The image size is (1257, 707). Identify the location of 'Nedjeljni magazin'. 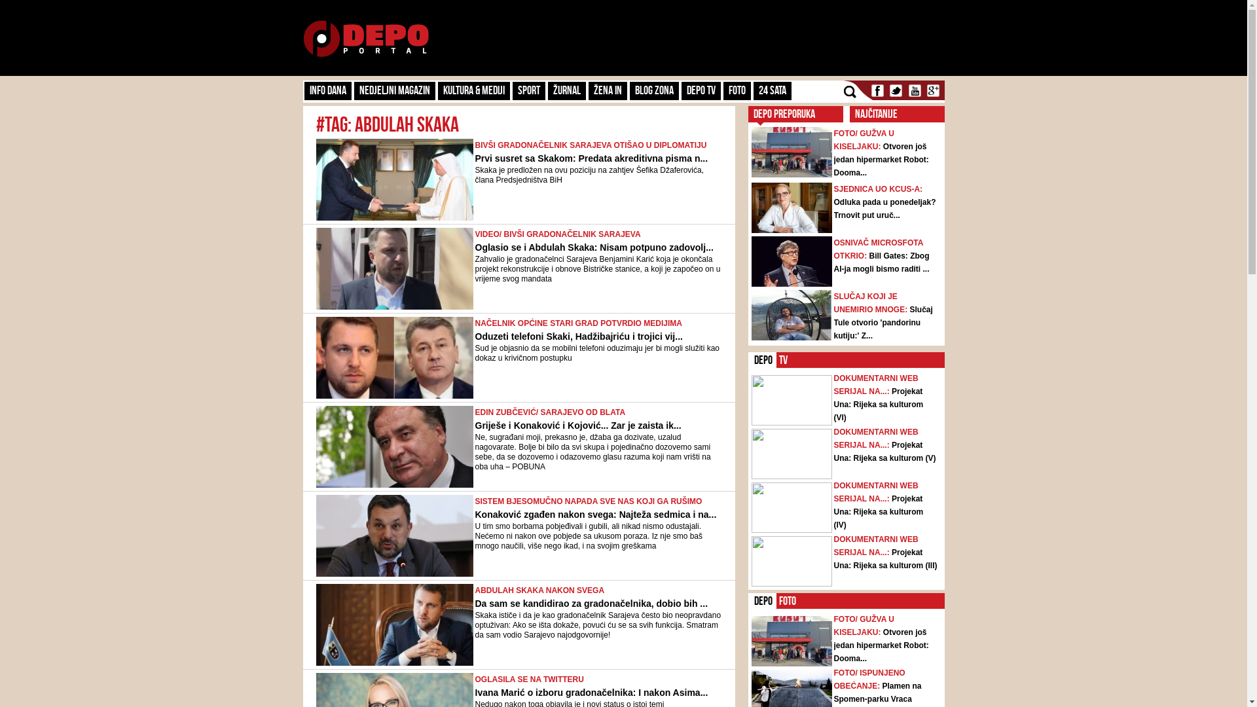
(393, 90).